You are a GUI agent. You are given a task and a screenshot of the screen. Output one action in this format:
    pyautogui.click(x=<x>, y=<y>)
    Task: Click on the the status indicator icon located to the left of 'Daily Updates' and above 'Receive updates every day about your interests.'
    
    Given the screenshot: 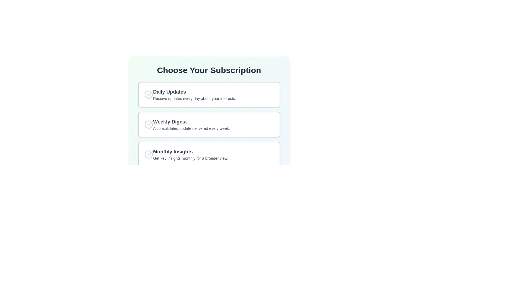 What is the action you would take?
    pyautogui.click(x=149, y=94)
    